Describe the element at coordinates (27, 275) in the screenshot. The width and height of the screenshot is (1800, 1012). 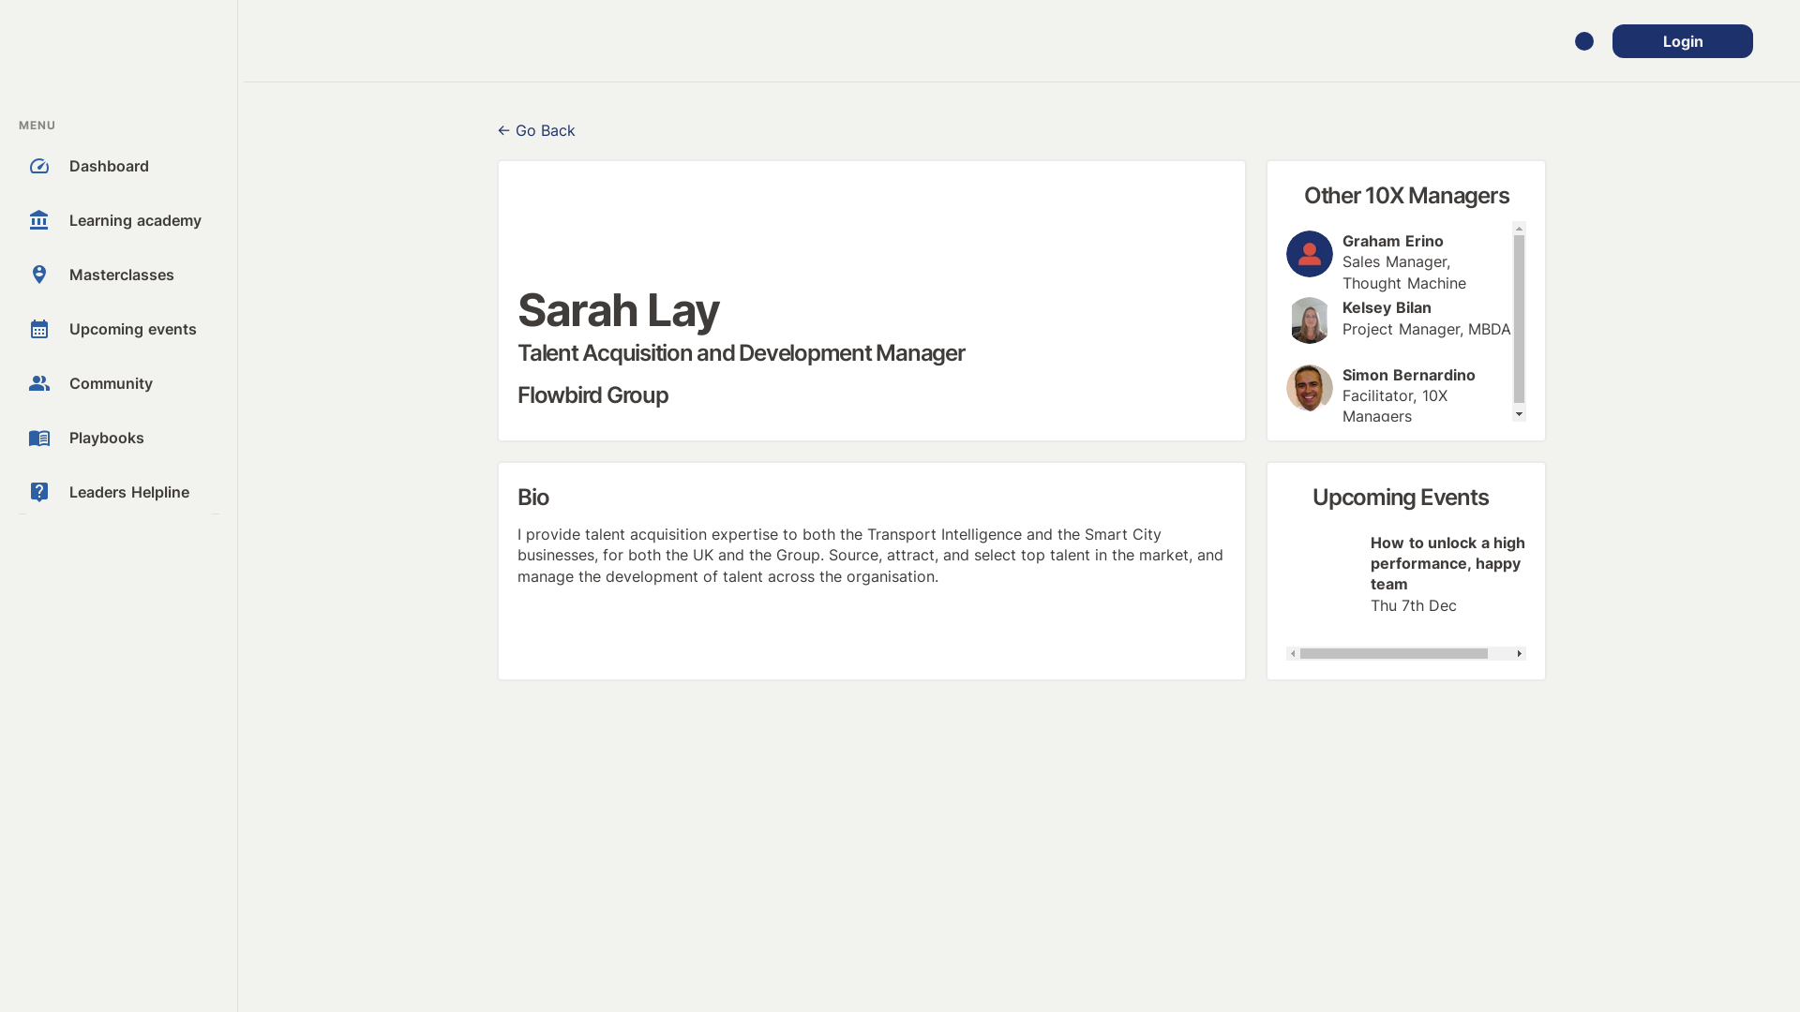
I see `'person_pin_circle'` at that location.